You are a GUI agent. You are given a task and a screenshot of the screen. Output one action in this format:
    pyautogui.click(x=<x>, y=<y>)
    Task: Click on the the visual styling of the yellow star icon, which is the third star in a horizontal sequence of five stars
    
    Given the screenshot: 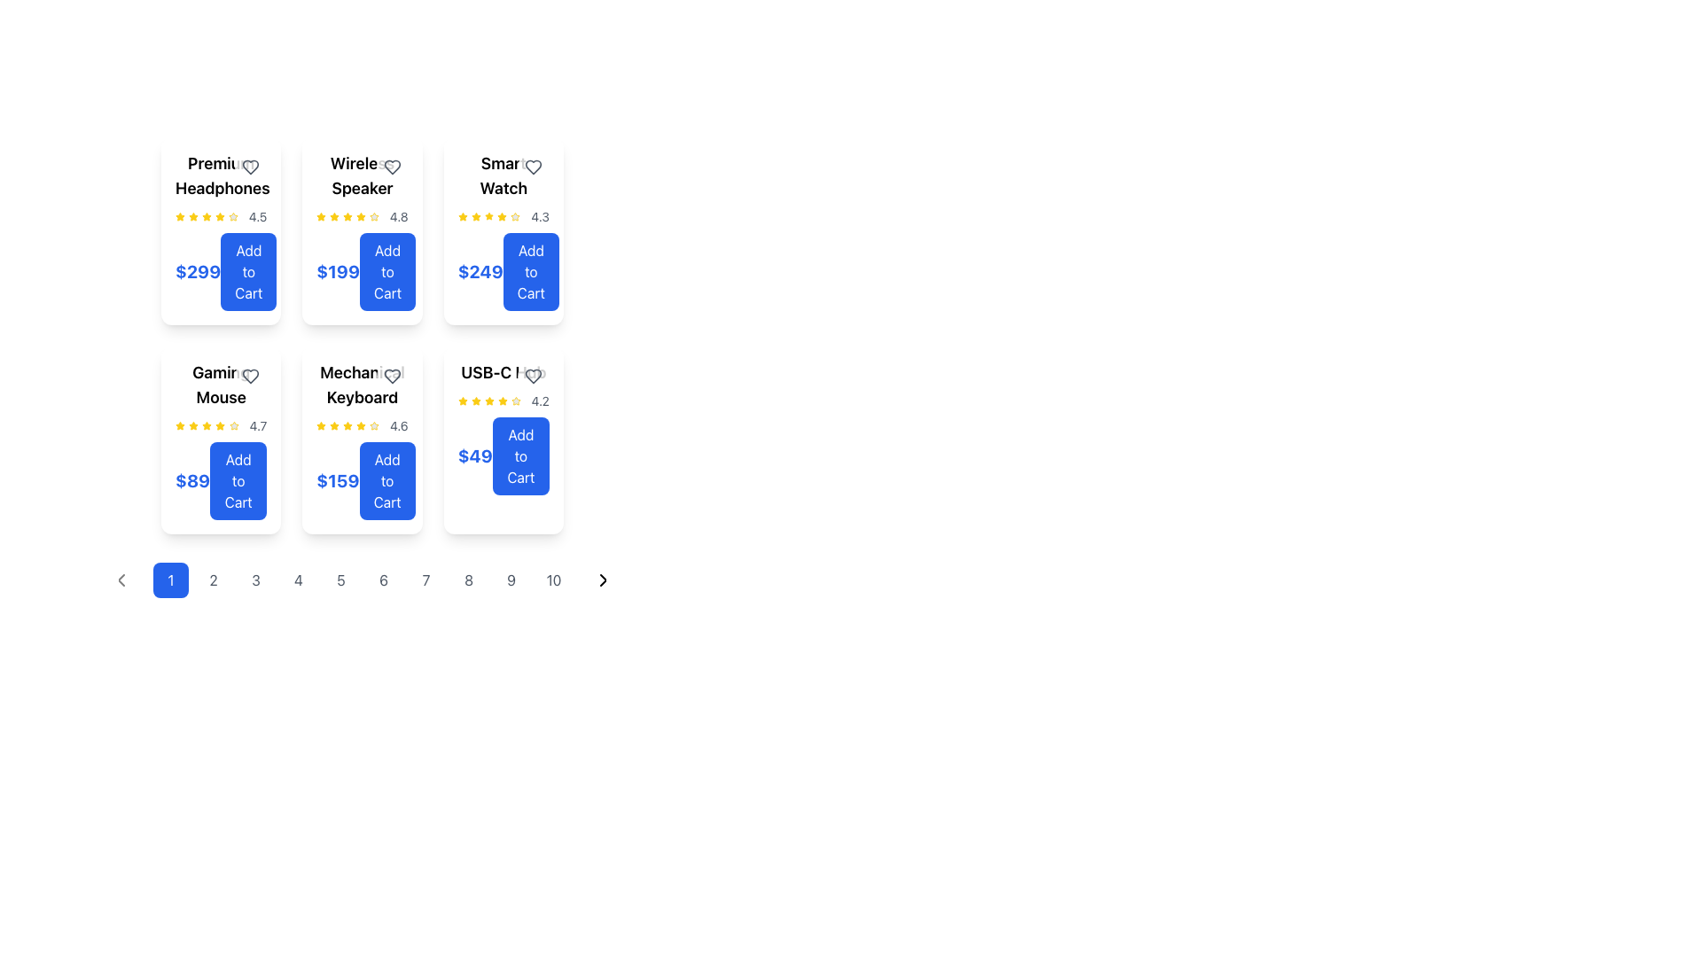 What is the action you would take?
    pyautogui.click(x=193, y=216)
    